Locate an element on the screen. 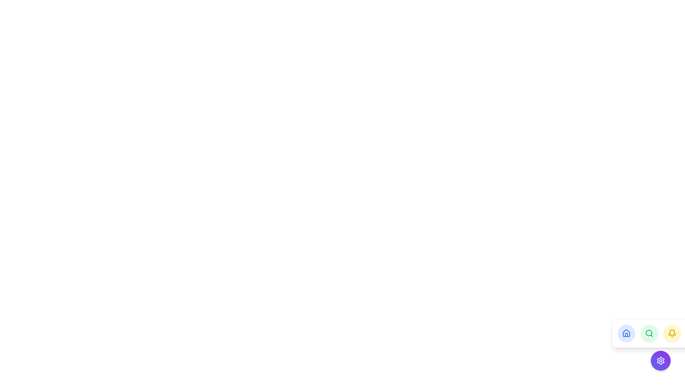  the circular settings button with a gradient purple background and a white gear icon is located at coordinates (660, 360).